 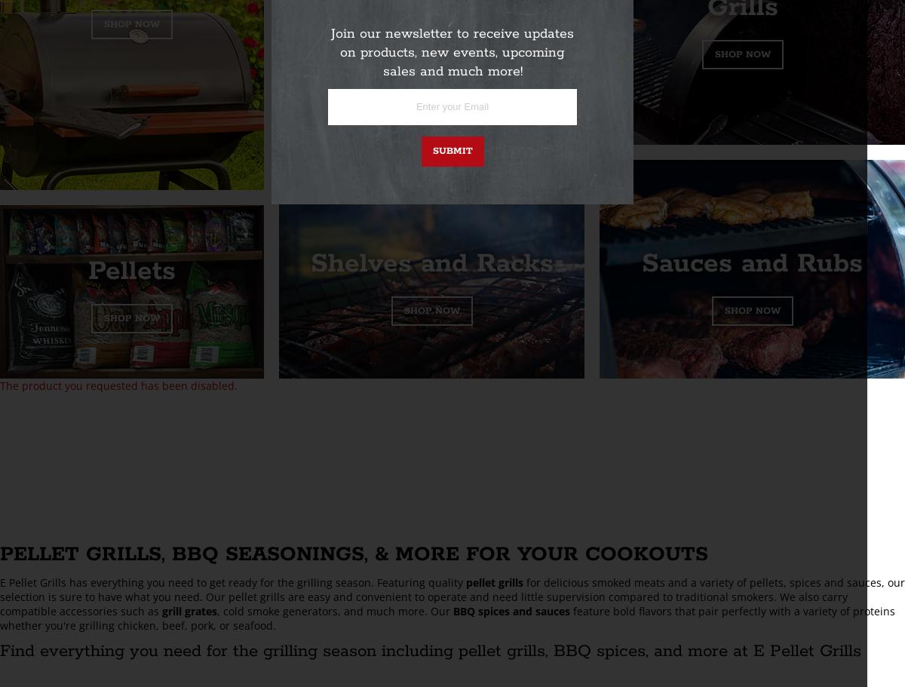 What do you see at coordinates (431, 150) in the screenshot?
I see `'Submit'` at bounding box center [431, 150].